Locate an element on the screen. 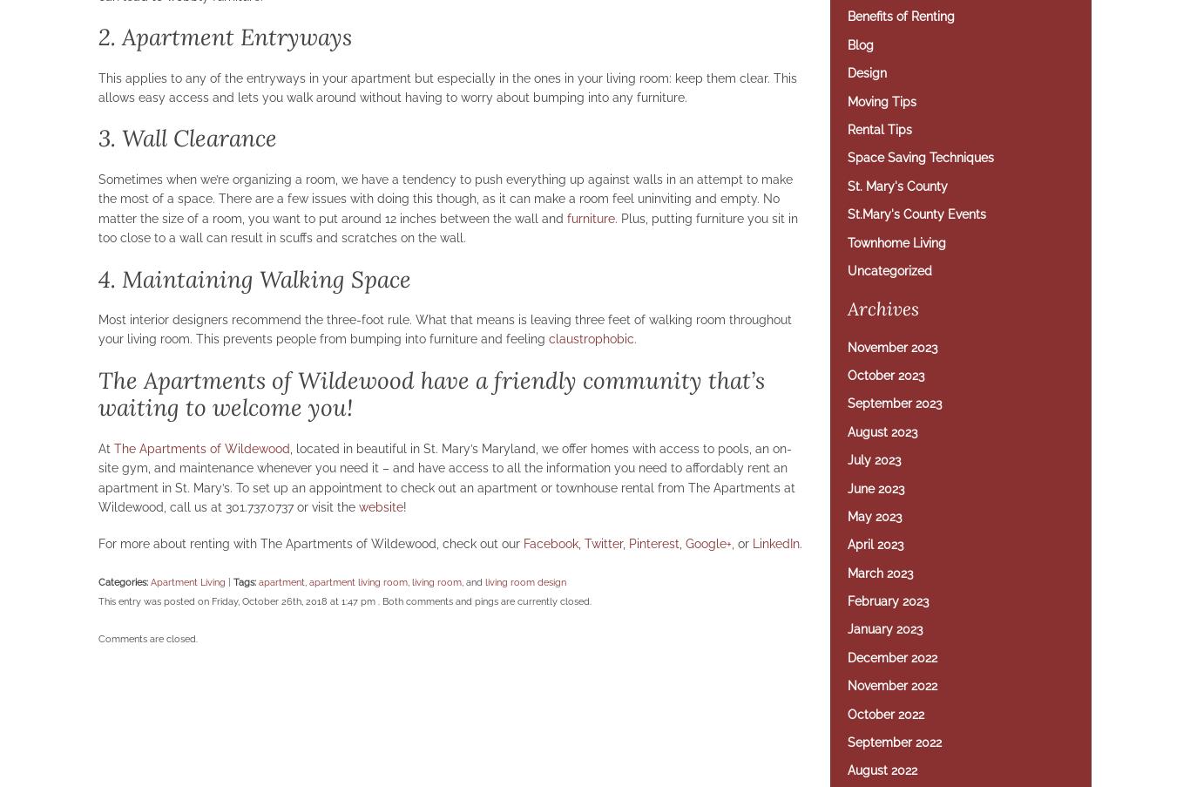 The width and height of the screenshot is (1190, 787). 'apartment living room' is located at coordinates (357, 580).